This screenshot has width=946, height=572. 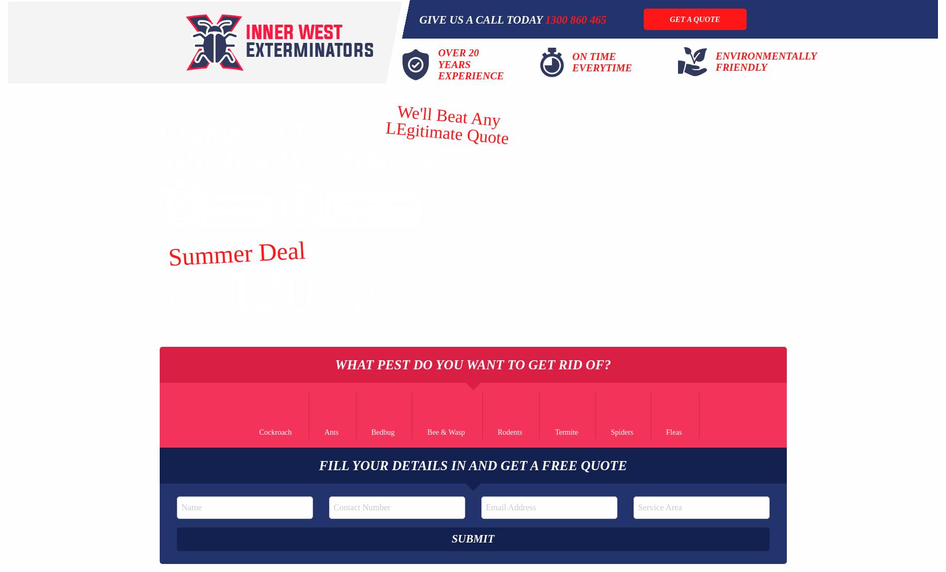 What do you see at coordinates (621, 431) in the screenshot?
I see `'Spiders'` at bounding box center [621, 431].